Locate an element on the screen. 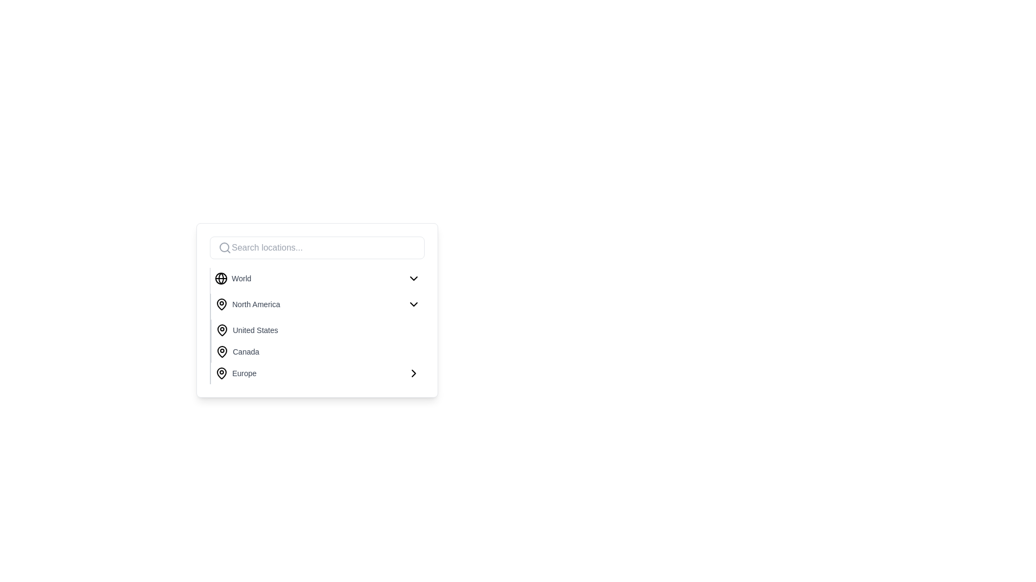  the list item representing 'United States' in the third row of the vertical list is located at coordinates (317, 330).